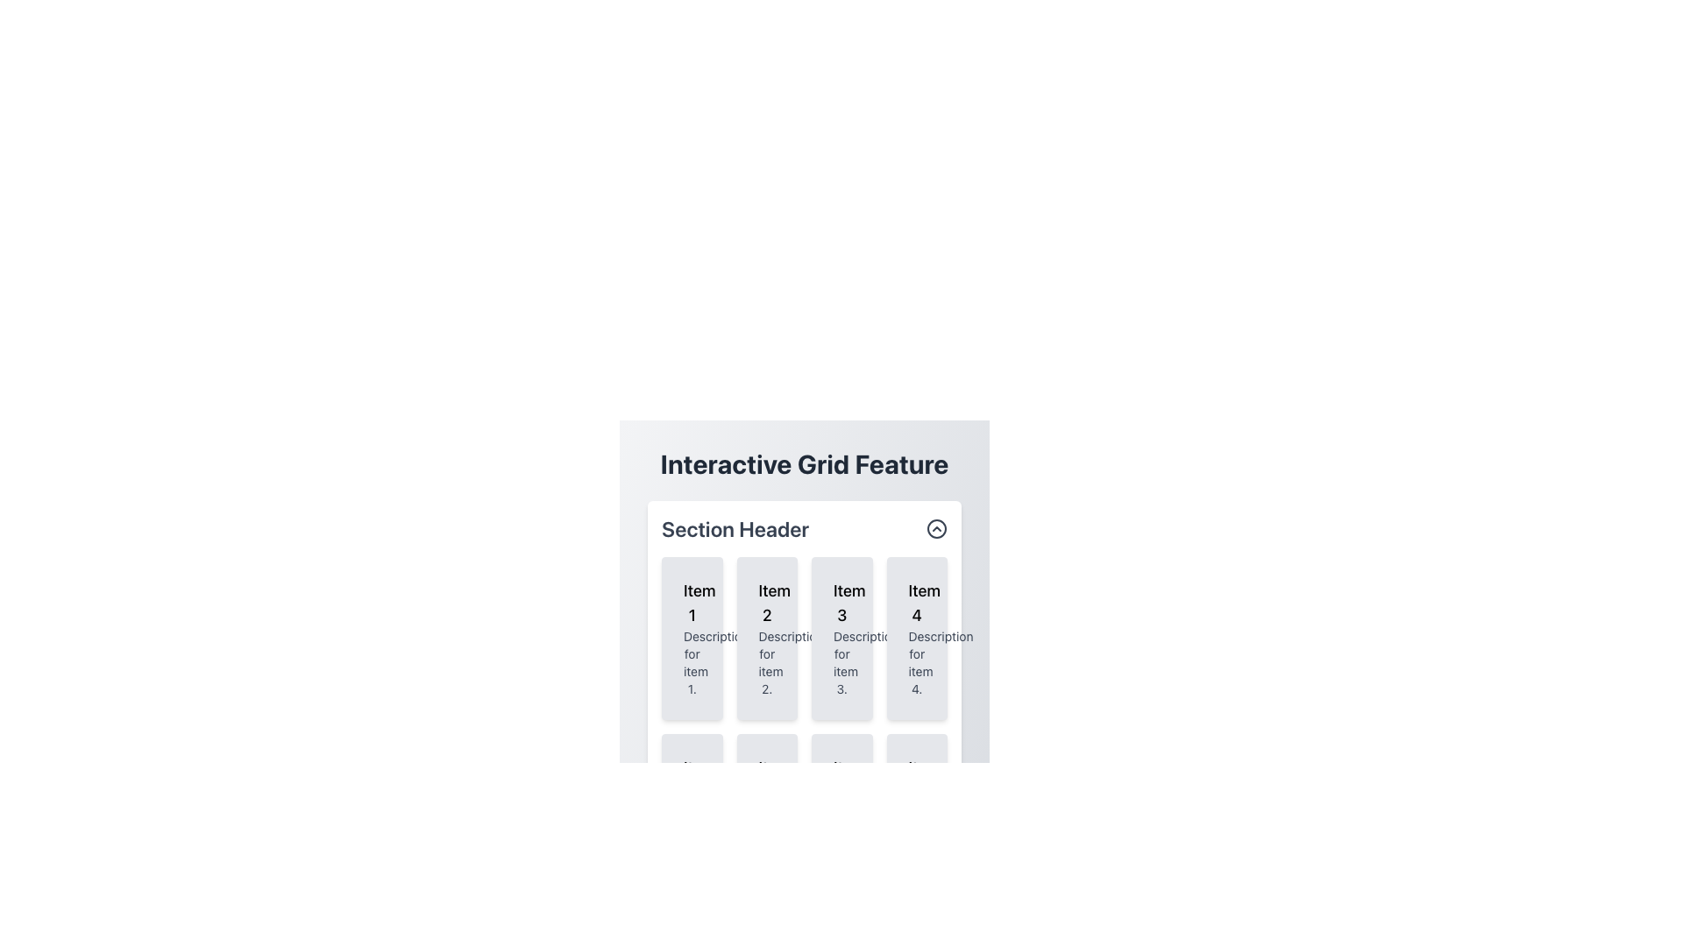 This screenshot has height=946, width=1683. Describe the element at coordinates (916, 639) in the screenshot. I see `details of the Card, which is the fourth item in a grid layout located at the top-right corner, directly to the right of 'Item 3'` at that location.